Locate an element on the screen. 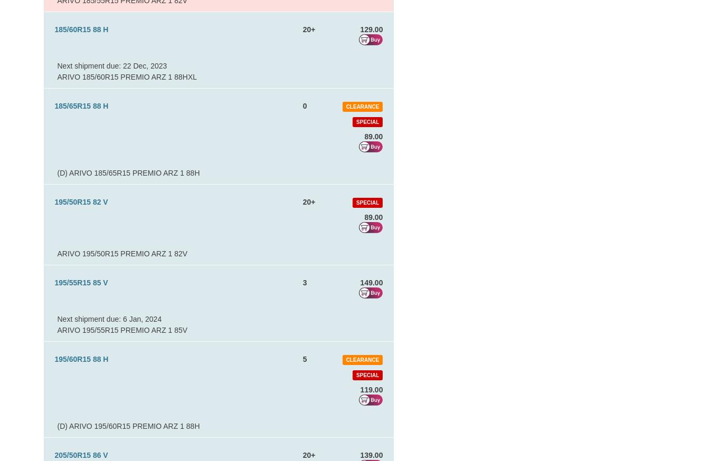 Image resolution: width=721 pixels, height=461 pixels. '139.00' is located at coordinates (359, 455).